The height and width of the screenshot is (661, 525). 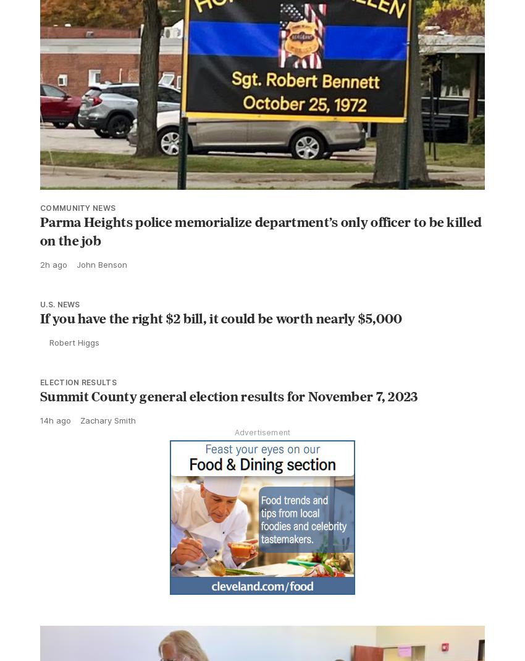 I want to click on 'Zachary Smith', so click(x=107, y=419).